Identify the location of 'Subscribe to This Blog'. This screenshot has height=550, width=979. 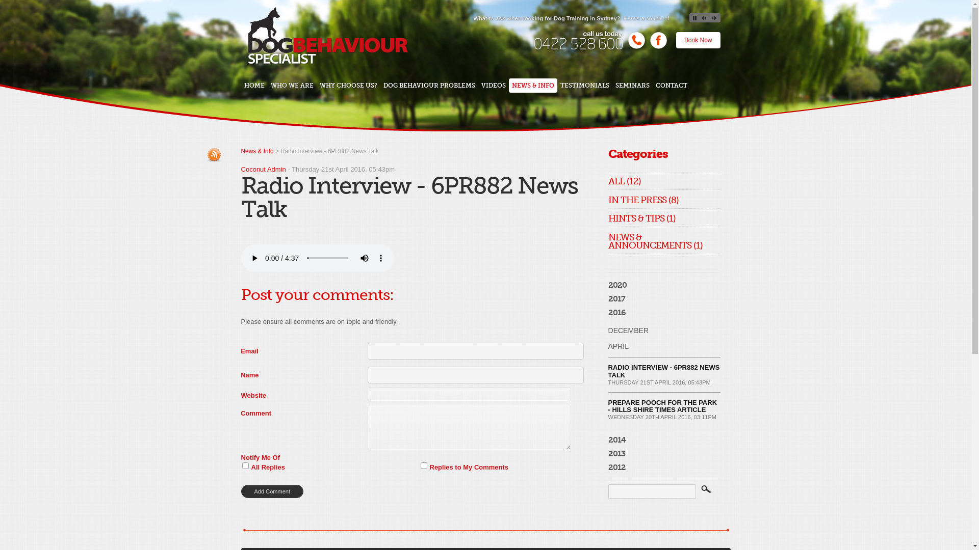
(214, 154).